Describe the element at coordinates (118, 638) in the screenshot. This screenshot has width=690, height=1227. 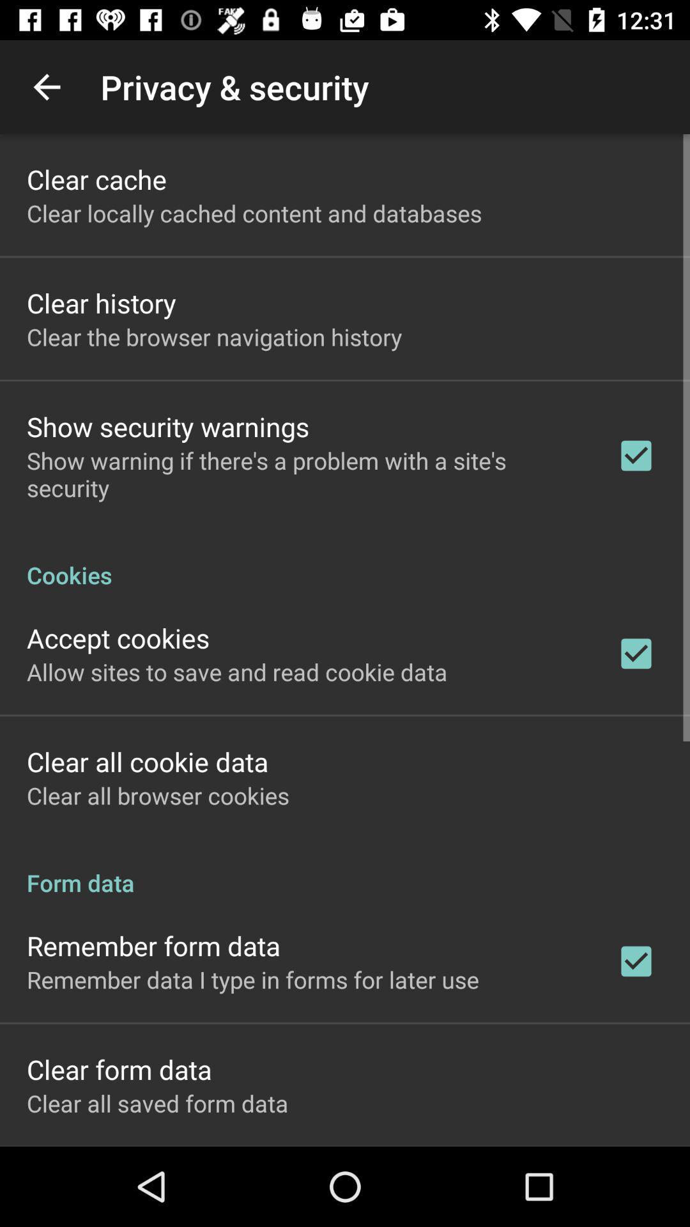
I see `the accept cookies icon` at that location.